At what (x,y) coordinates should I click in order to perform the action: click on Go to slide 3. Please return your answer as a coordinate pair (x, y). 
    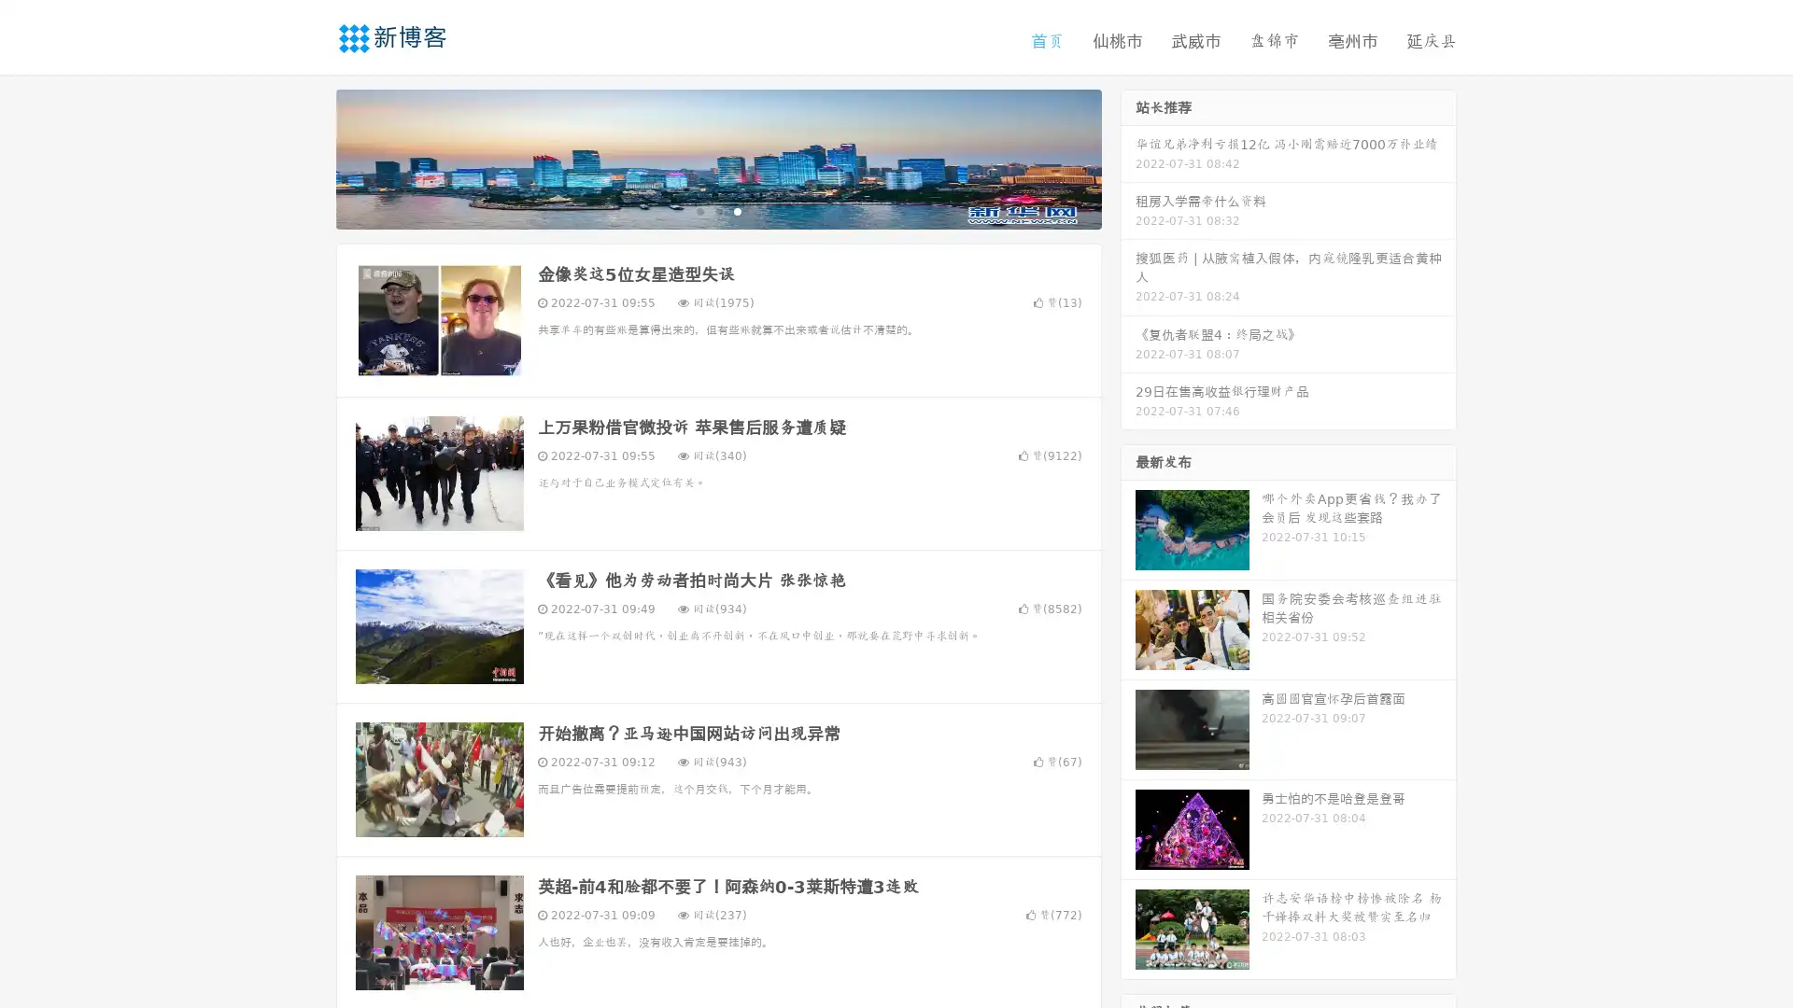
    Looking at the image, I should click on (737, 210).